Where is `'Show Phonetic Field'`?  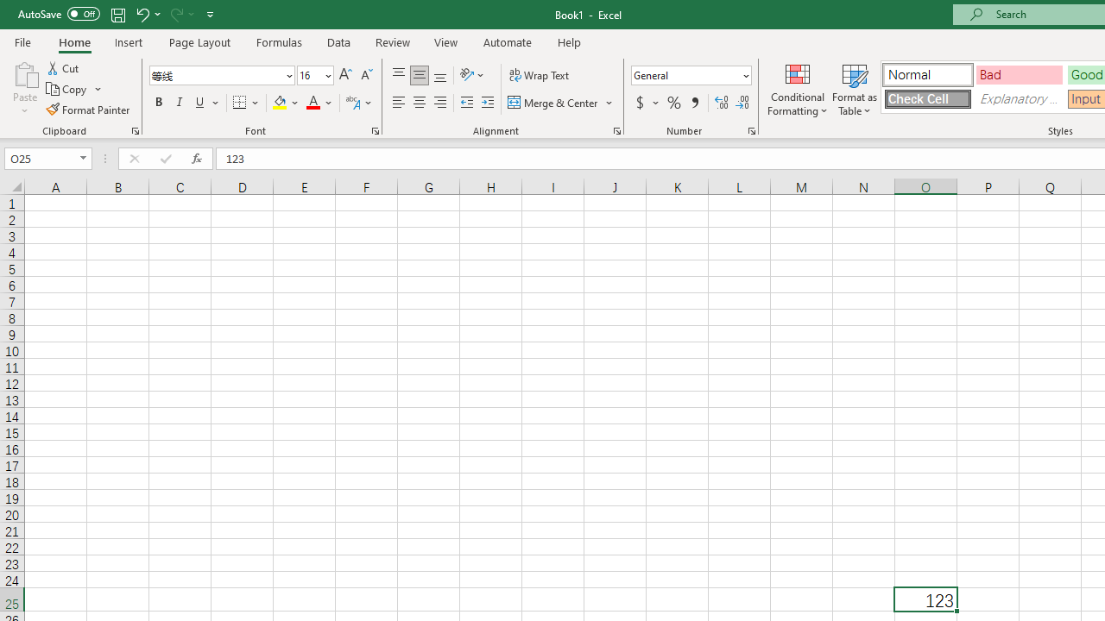
'Show Phonetic Field' is located at coordinates (358, 103).